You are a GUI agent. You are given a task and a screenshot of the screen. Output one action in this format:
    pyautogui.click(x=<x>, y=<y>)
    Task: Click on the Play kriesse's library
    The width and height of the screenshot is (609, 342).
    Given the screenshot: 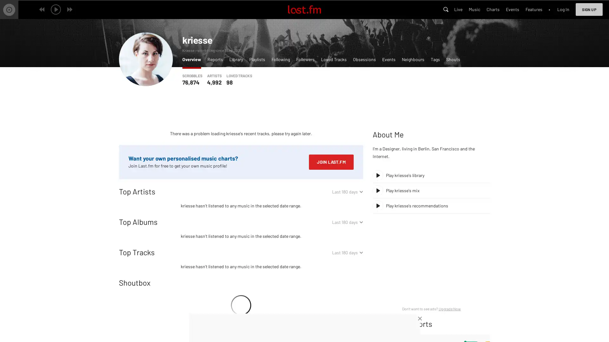 What is the action you would take?
    pyautogui.click(x=431, y=175)
    